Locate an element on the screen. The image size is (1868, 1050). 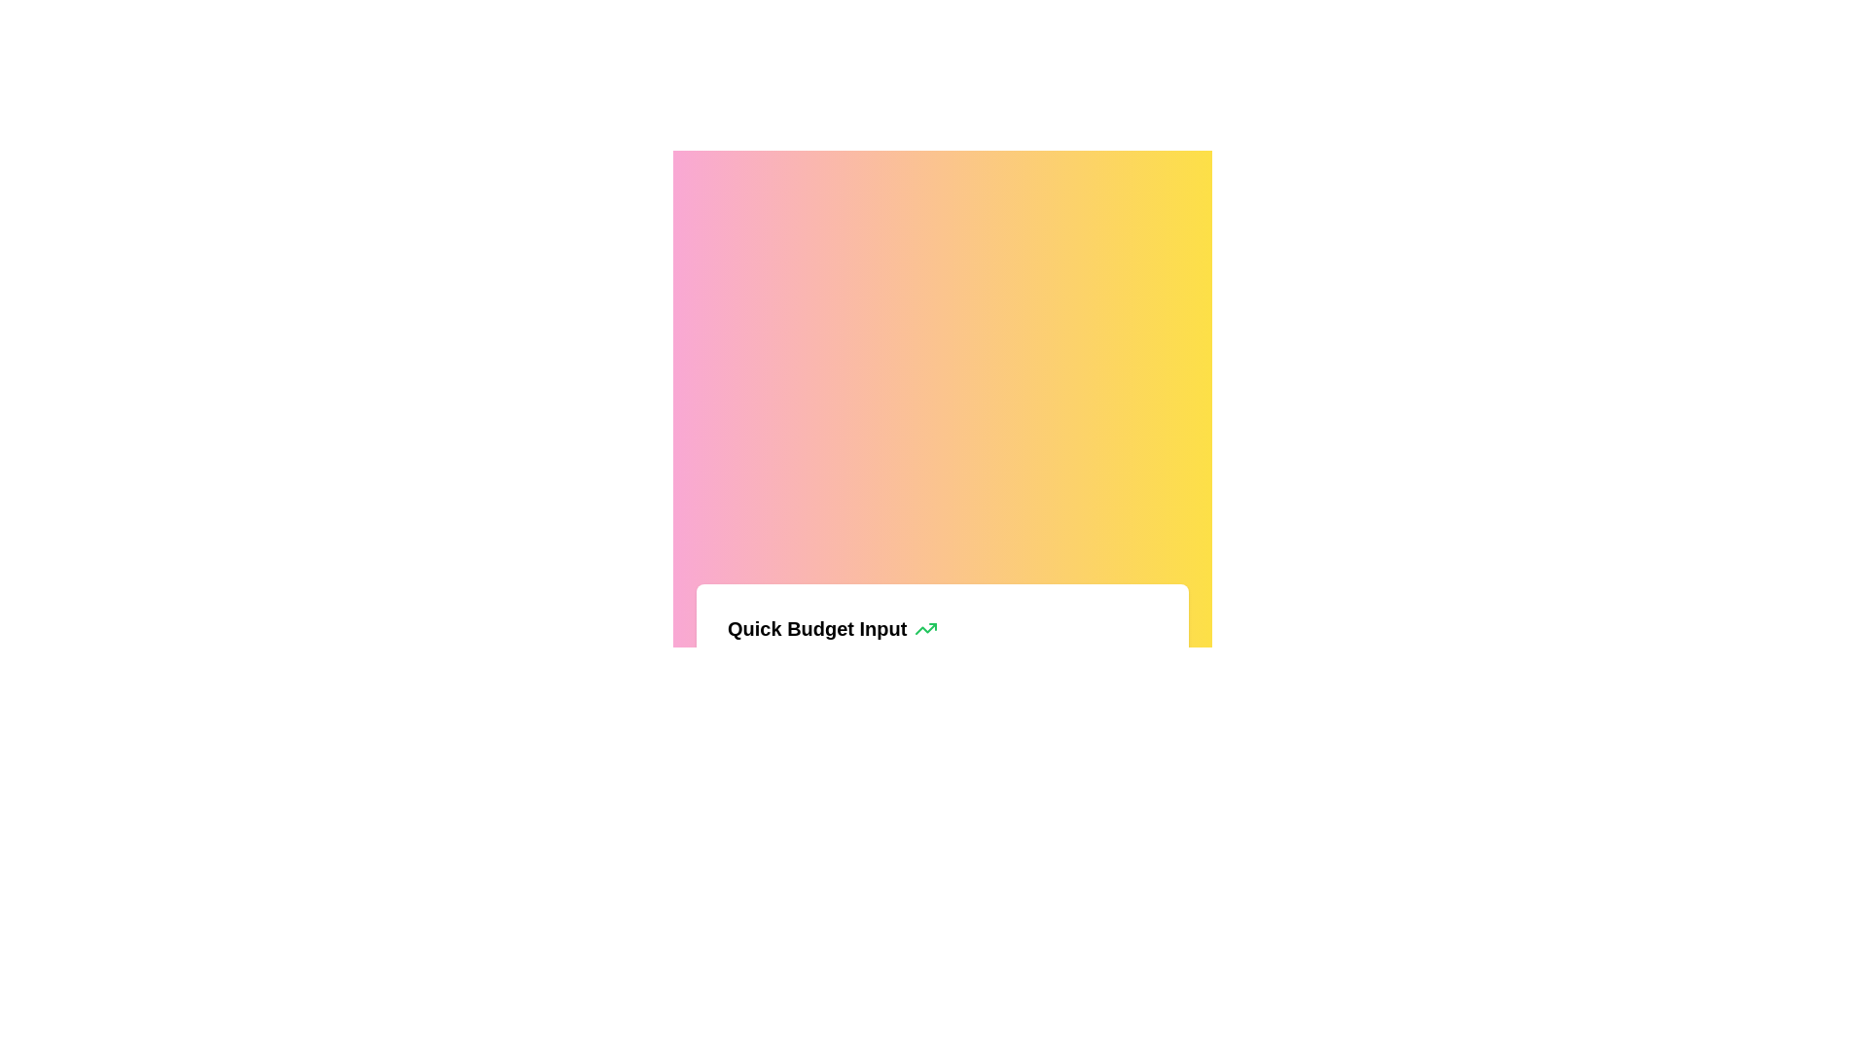
the Icon (Graph Representation) that is styled with a green stroke and represents an upward trending line, located next to the text 'Quick Budget Input' is located at coordinates (925, 629).